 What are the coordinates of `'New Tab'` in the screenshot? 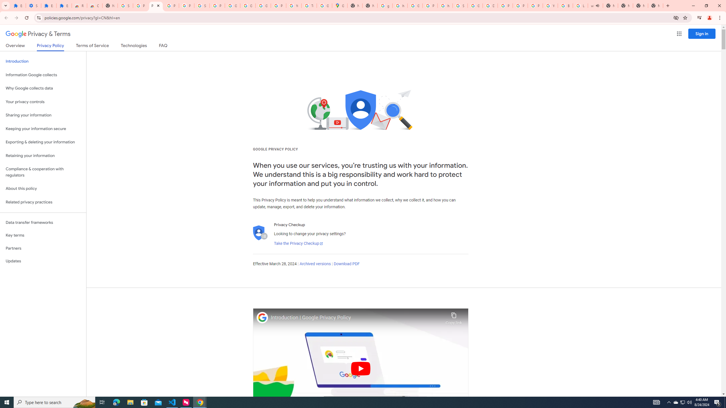 It's located at (655, 5).